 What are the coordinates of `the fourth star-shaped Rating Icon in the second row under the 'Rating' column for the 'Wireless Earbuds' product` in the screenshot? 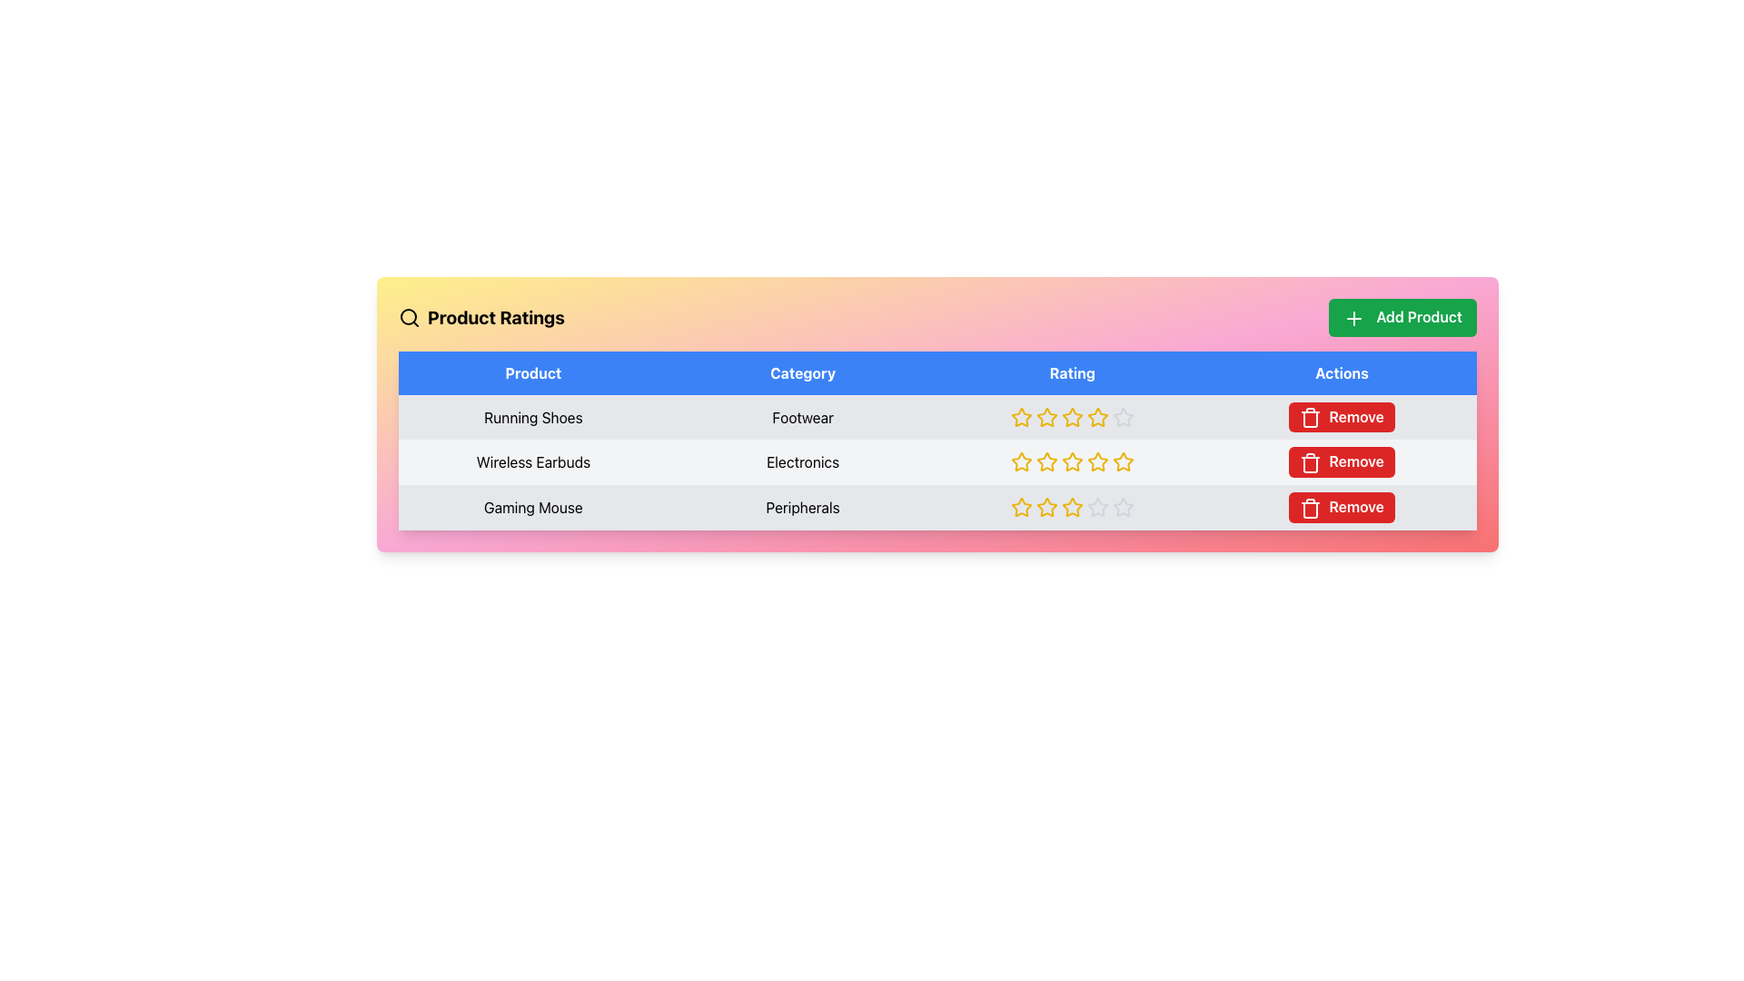 It's located at (1122, 461).